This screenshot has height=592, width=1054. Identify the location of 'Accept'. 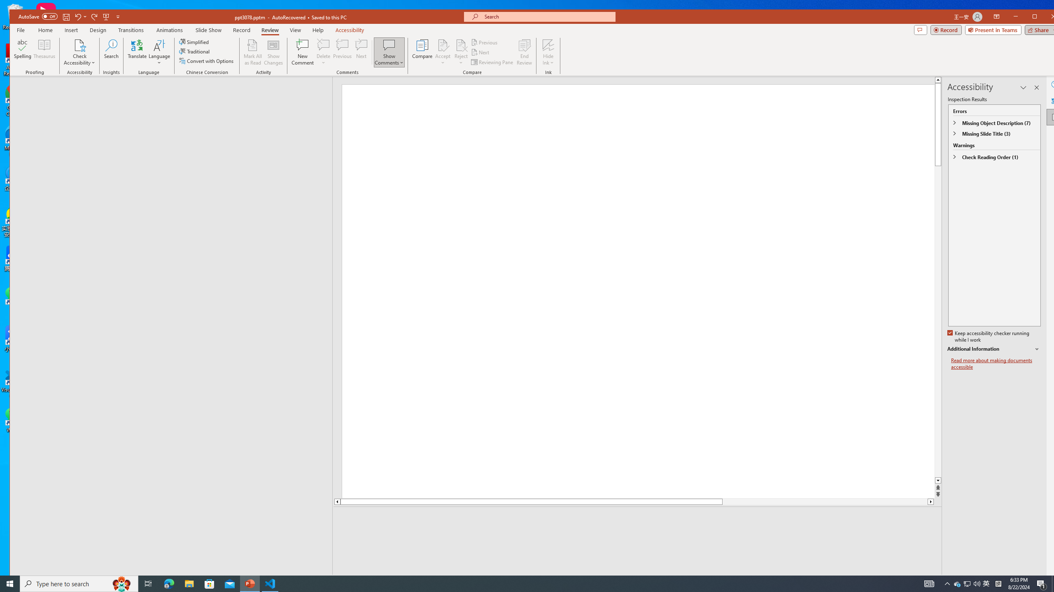
(443, 52).